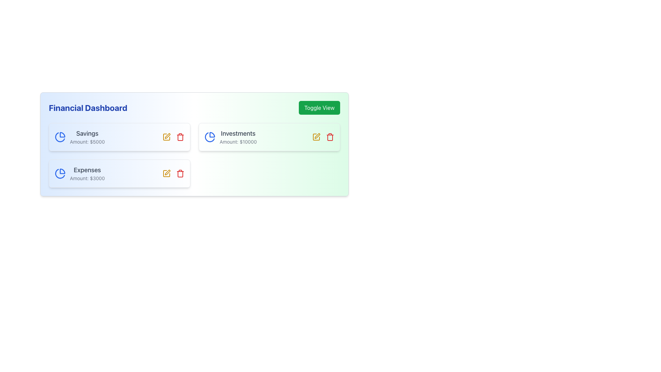 The height and width of the screenshot is (372, 661). What do you see at coordinates (174, 137) in the screenshot?
I see `the yellow pencil icon` at bounding box center [174, 137].